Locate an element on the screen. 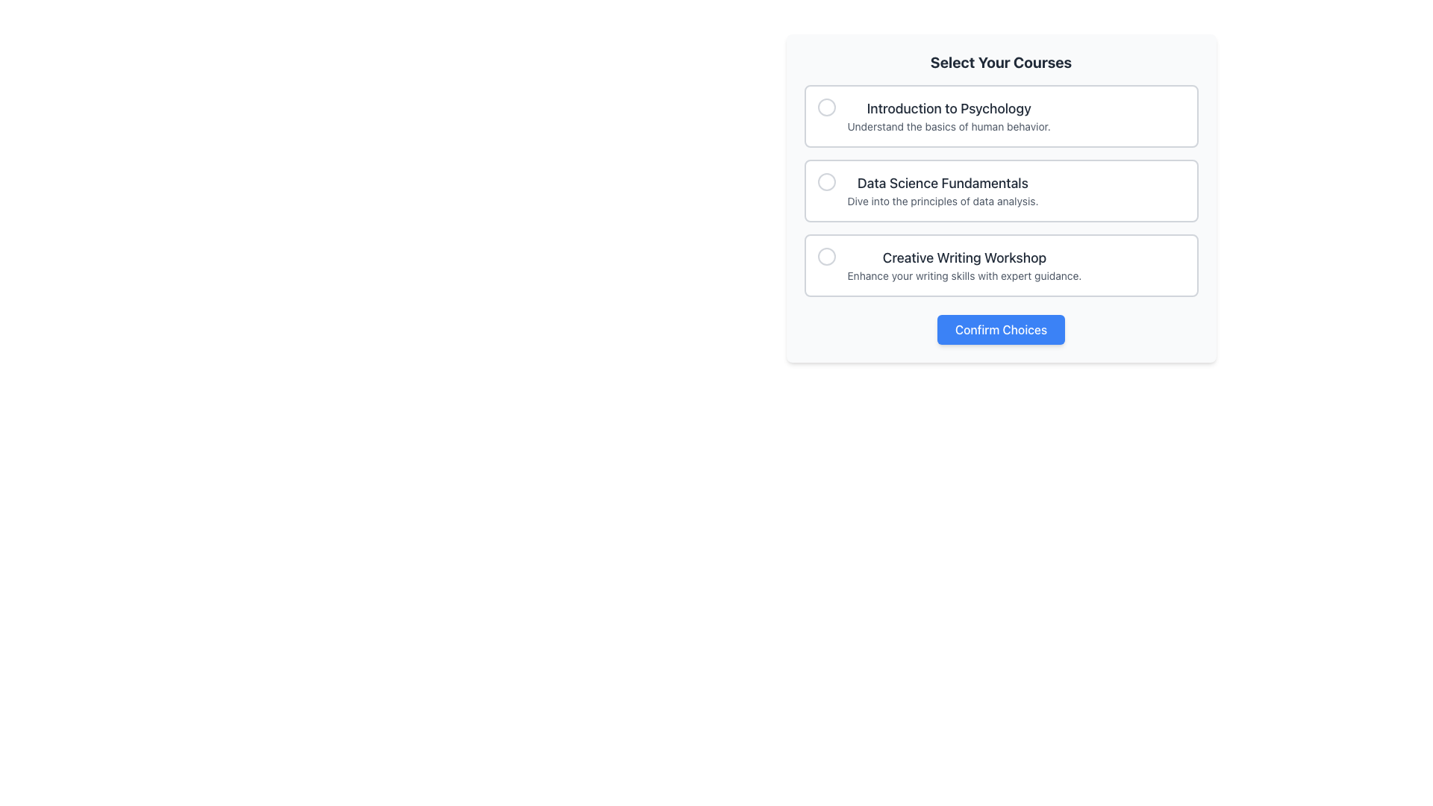 Image resolution: width=1433 pixels, height=806 pixels. the 'Data Science Fundamentals' course option in the list of selectable courses, which is the second item in the vertical list is located at coordinates (942, 190).